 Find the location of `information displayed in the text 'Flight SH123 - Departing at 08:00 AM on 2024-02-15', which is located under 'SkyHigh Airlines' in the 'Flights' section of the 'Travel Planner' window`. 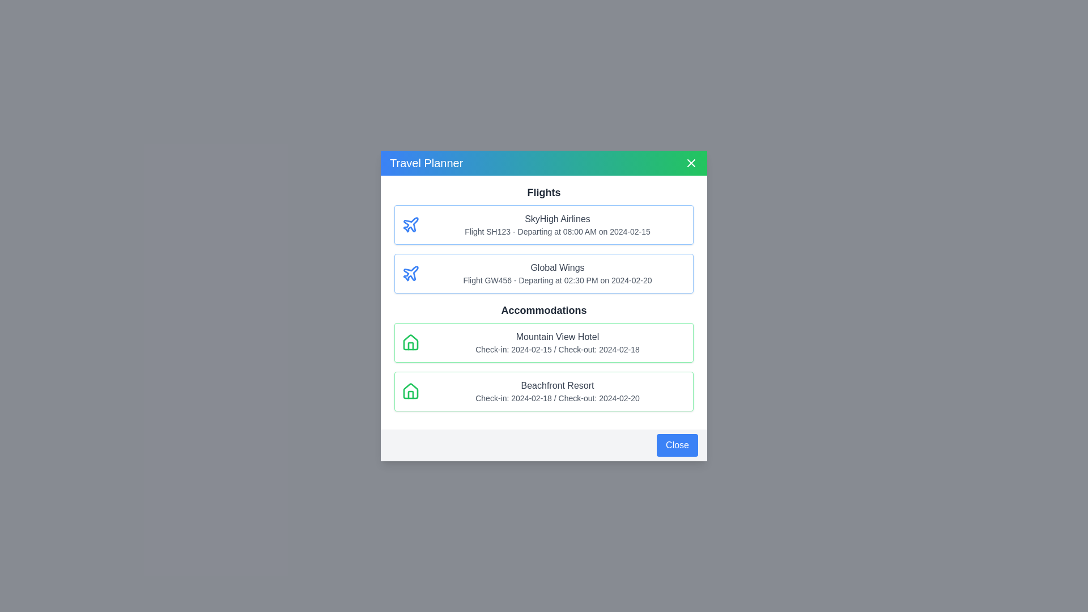

information displayed in the text 'Flight SH123 - Departing at 08:00 AM on 2024-02-15', which is located under 'SkyHigh Airlines' in the 'Flights' section of the 'Travel Planner' window is located at coordinates (557, 231).